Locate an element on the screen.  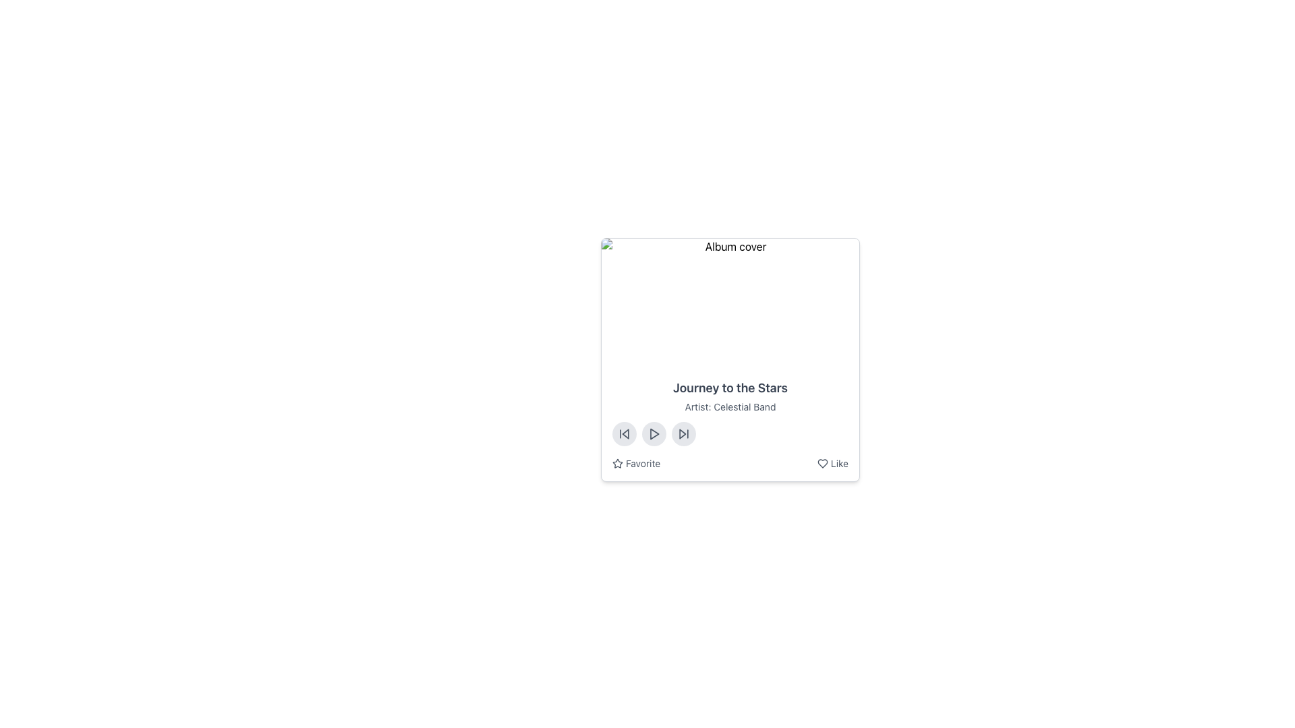
the 'Like' icon button located in the bottom-right corner of the card structure that allows users to mark an item as liked or favorited is located at coordinates (822, 462).